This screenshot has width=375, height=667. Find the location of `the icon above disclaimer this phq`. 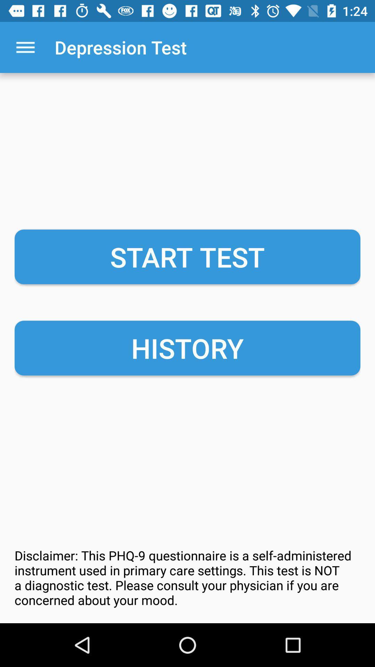

the icon above disclaimer this phq is located at coordinates (187, 348).